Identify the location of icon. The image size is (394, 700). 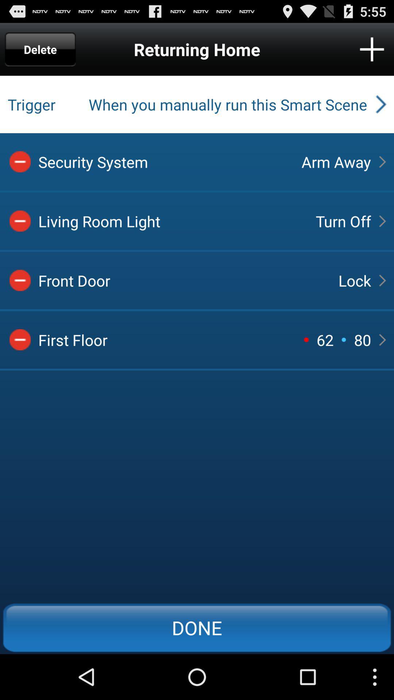
(372, 49).